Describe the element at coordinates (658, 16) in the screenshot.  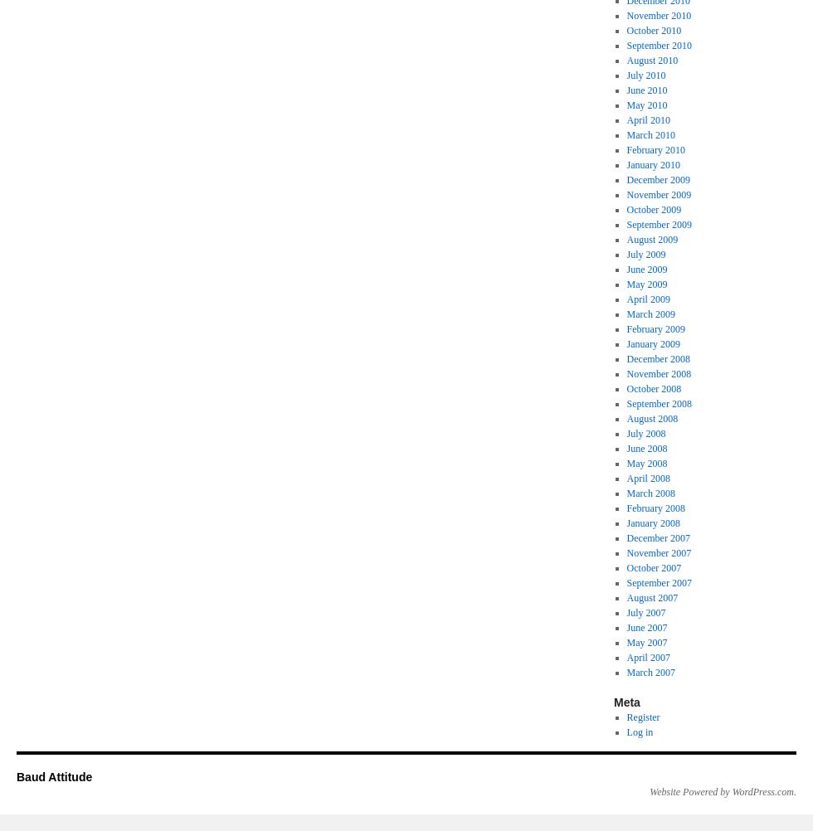
I see `'November 2010'` at that location.